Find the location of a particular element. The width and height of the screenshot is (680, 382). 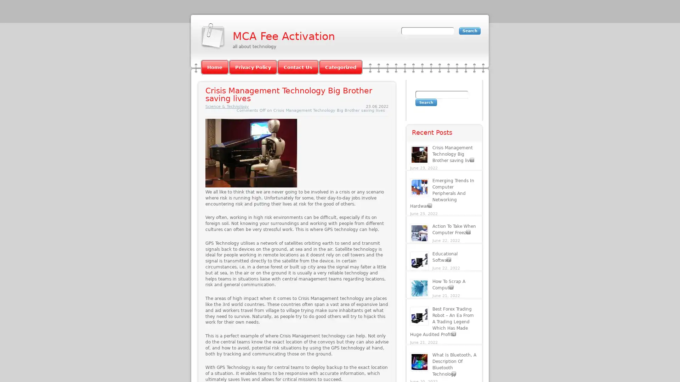

Search is located at coordinates (426, 102).